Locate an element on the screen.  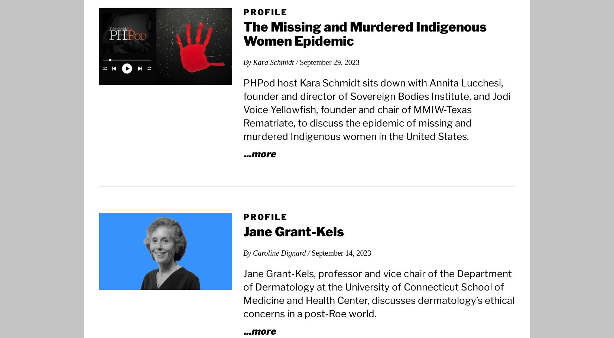
'September 29, 2023' is located at coordinates (329, 62).